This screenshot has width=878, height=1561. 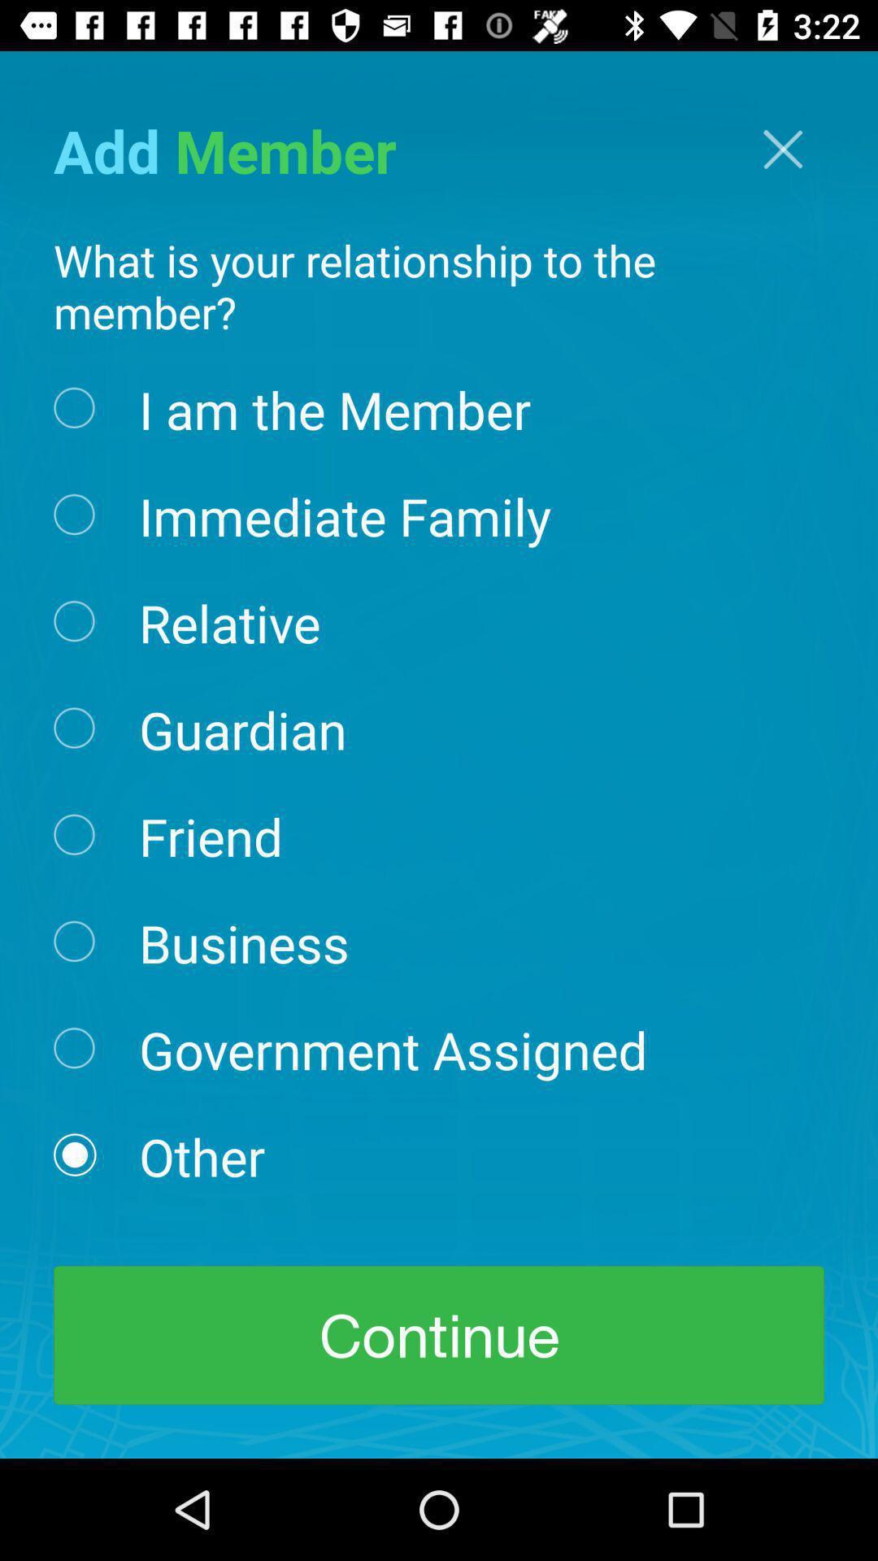 I want to click on the icon above what is your, so click(x=782, y=149).